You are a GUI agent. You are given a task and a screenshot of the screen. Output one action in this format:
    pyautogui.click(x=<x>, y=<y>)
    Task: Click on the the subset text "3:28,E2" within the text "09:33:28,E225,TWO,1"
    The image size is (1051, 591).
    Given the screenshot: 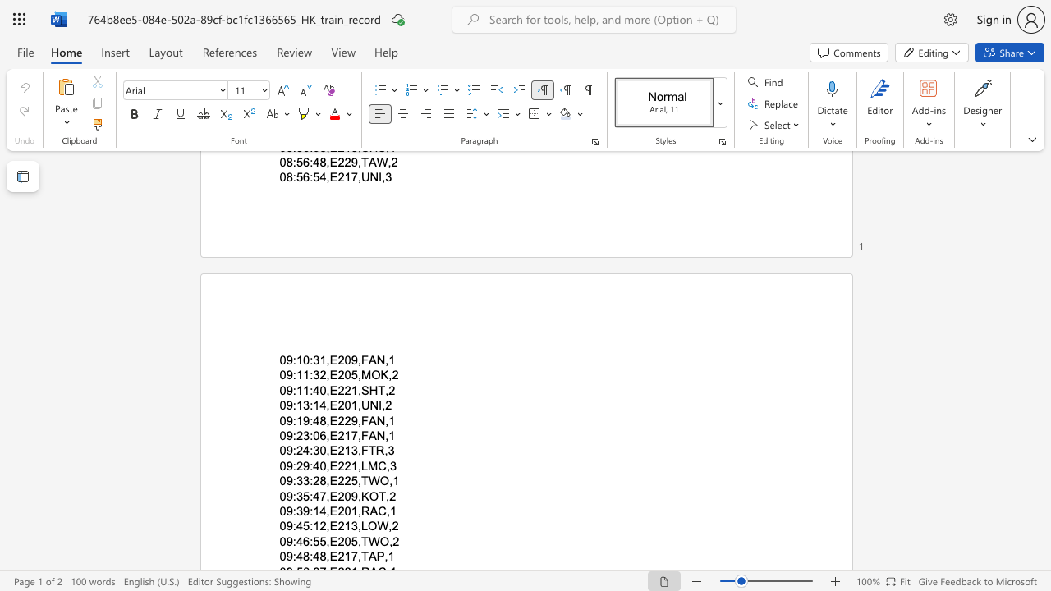 What is the action you would take?
    pyautogui.click(x=303, y=480)
    